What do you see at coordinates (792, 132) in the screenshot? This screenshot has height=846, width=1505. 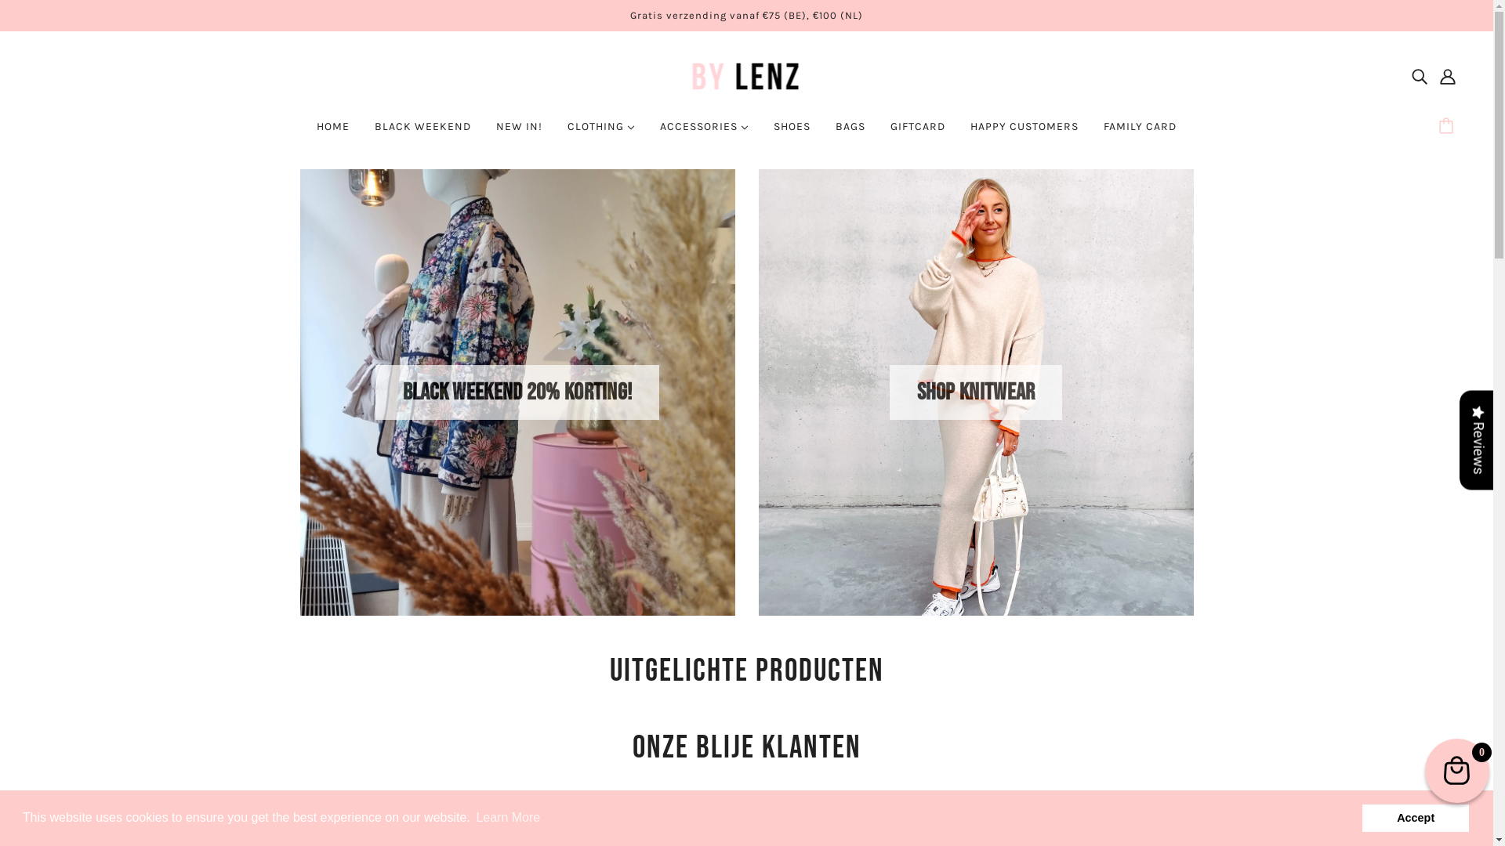 I see `'SHOES'` at bounding box center [792, 132].